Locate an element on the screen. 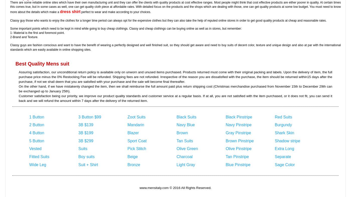  'Light Gray' is located at coordinates (186, 164).